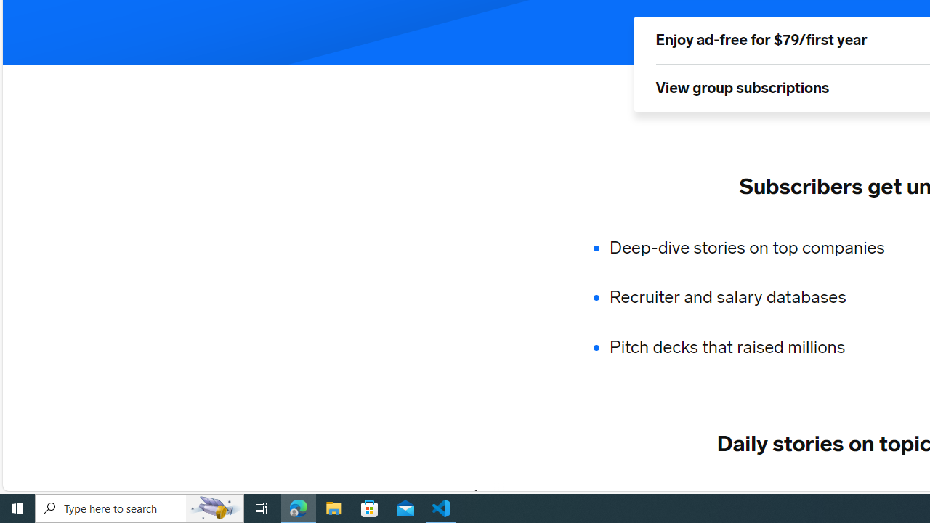  What do you see at coordinates (756, 297) in the screenshot?
I see `'Recruiter and salary databases'` at bounding box center [756, 297].